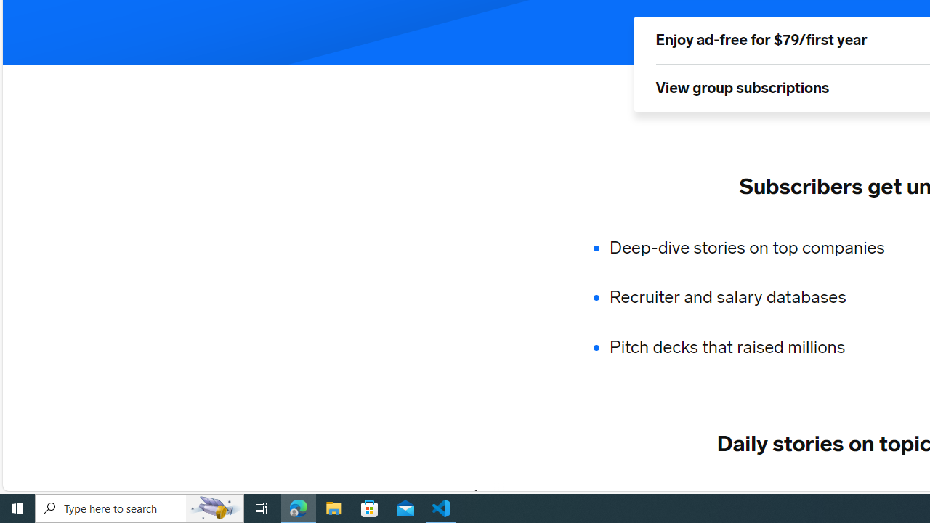  What do you see at coordinates (756, 297) in the screenshot?
I see `'Recruiter and salary databases'` at bounding box center [756, 297].